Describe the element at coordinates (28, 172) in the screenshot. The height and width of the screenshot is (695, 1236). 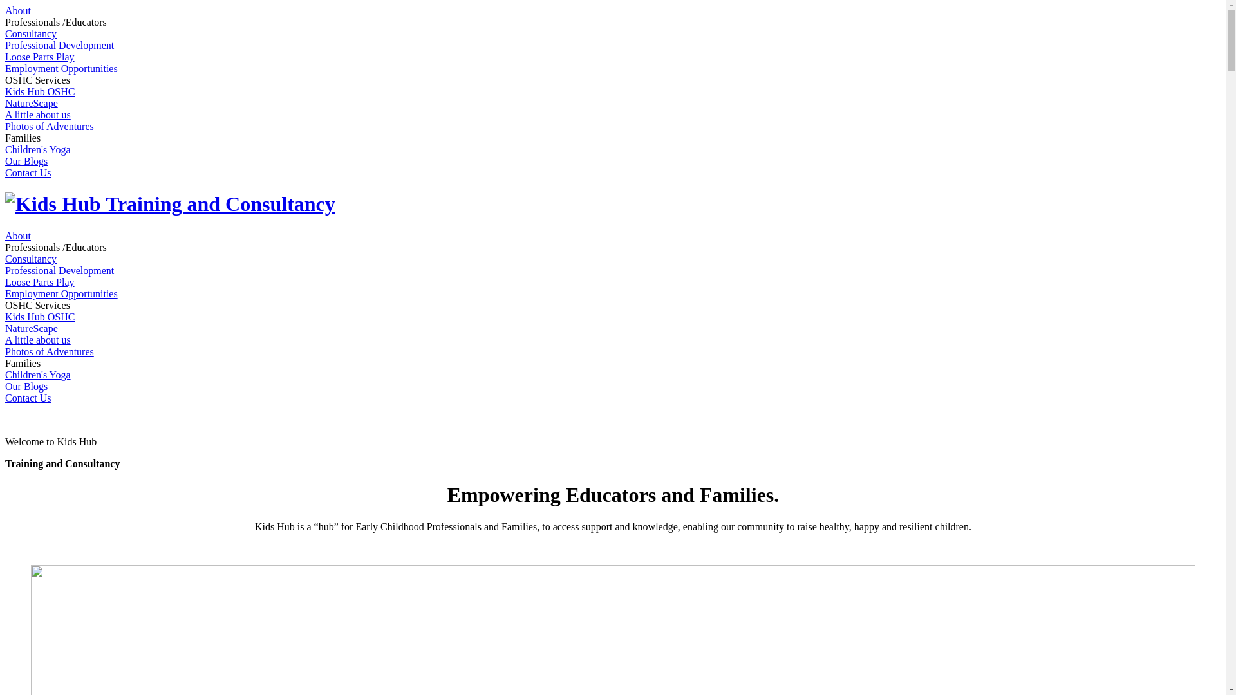
I see `'Contact Us'` at that location.